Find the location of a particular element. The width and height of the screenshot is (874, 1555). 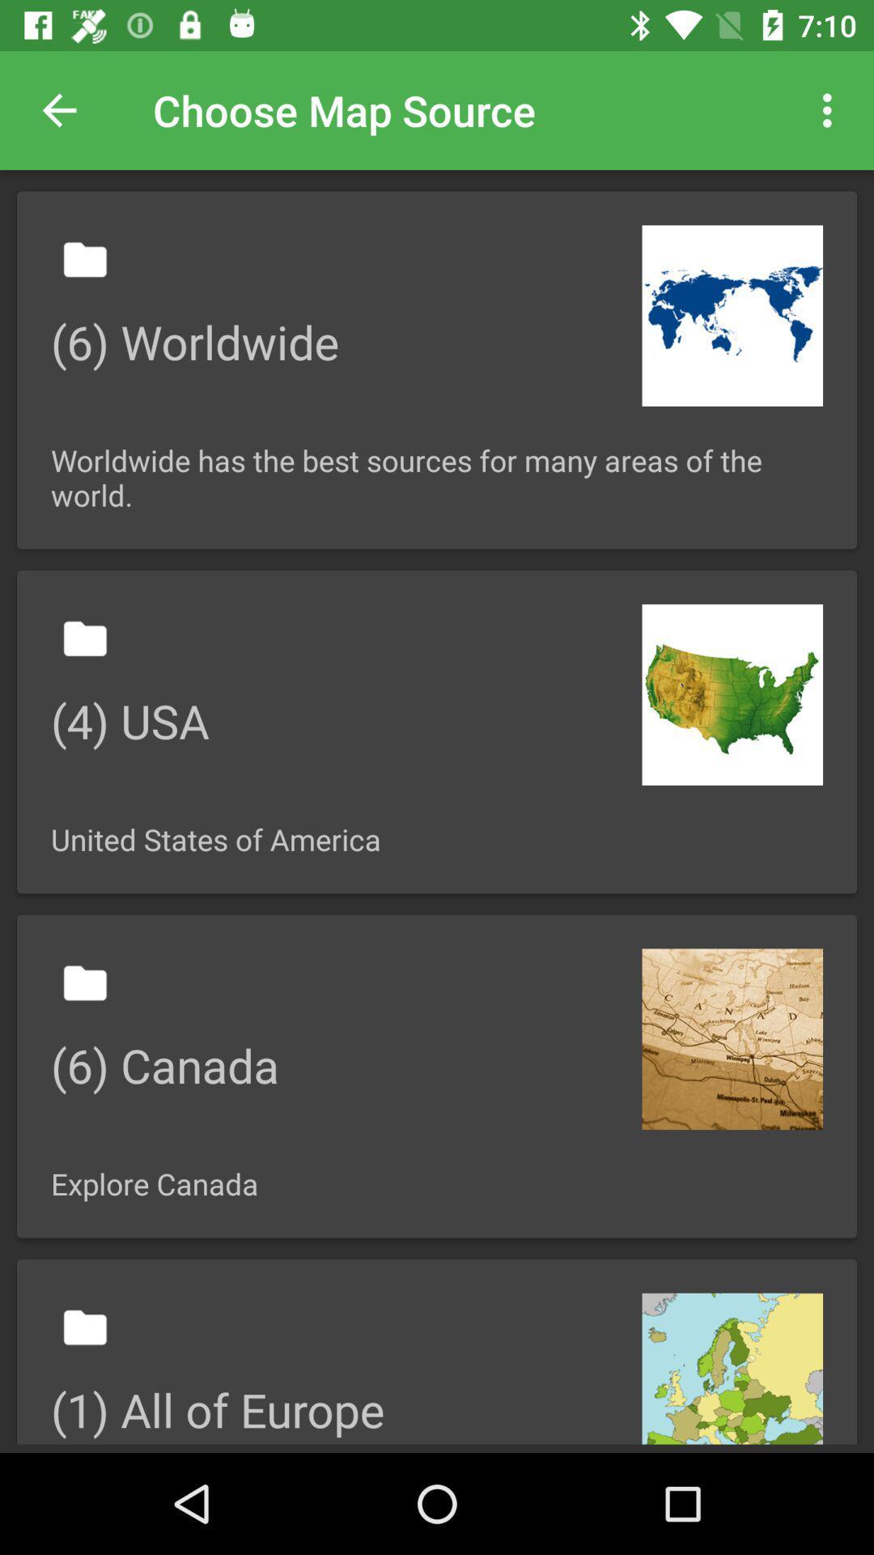

the third option is located at coordinates (437, 1076).